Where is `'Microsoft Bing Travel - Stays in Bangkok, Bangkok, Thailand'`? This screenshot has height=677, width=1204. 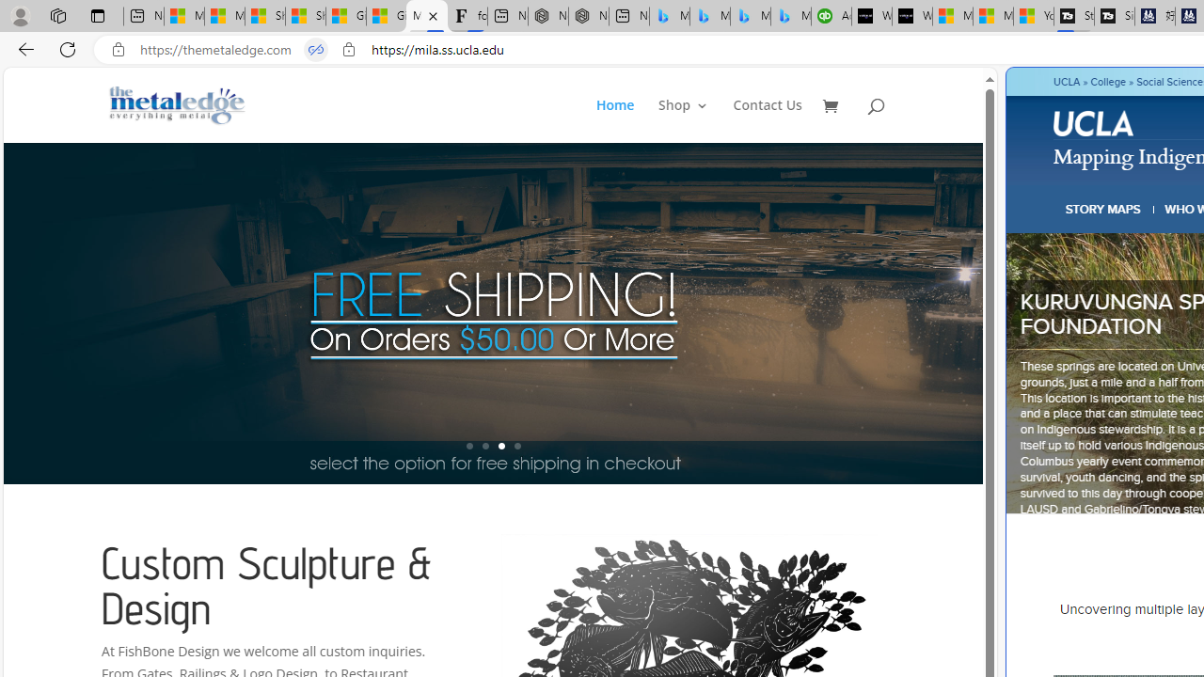
'Microsoft Bing Travel - Stays in Bangkok, Bangkok, Thailand' is located at coordinates (708, 16).